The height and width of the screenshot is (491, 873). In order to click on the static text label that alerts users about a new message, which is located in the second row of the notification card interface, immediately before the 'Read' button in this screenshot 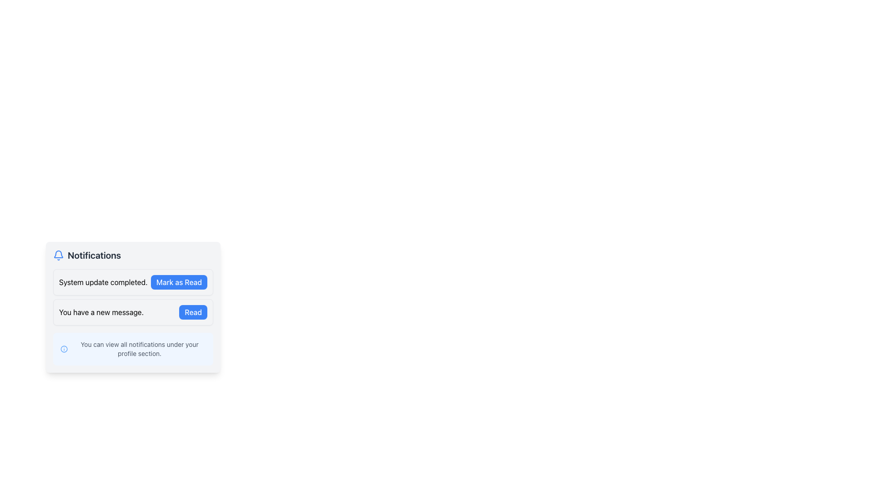, I will do `click(101, 311)`.